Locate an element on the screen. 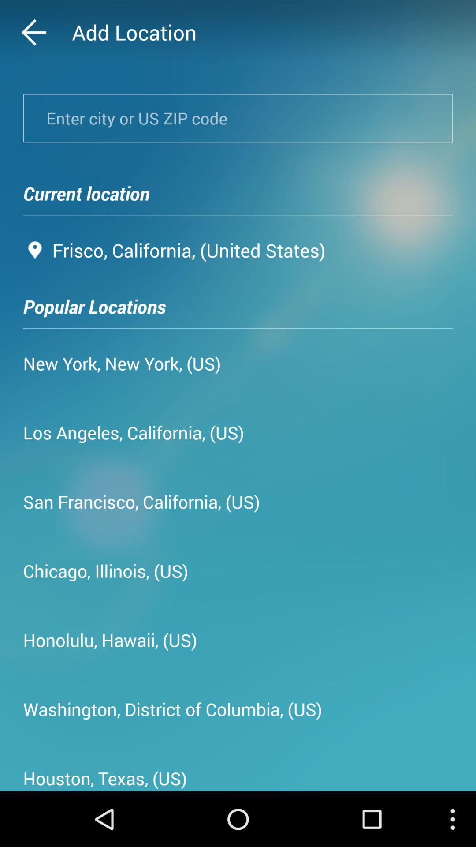  chicago, illinois, (us) is located at coordinates (105, 570).